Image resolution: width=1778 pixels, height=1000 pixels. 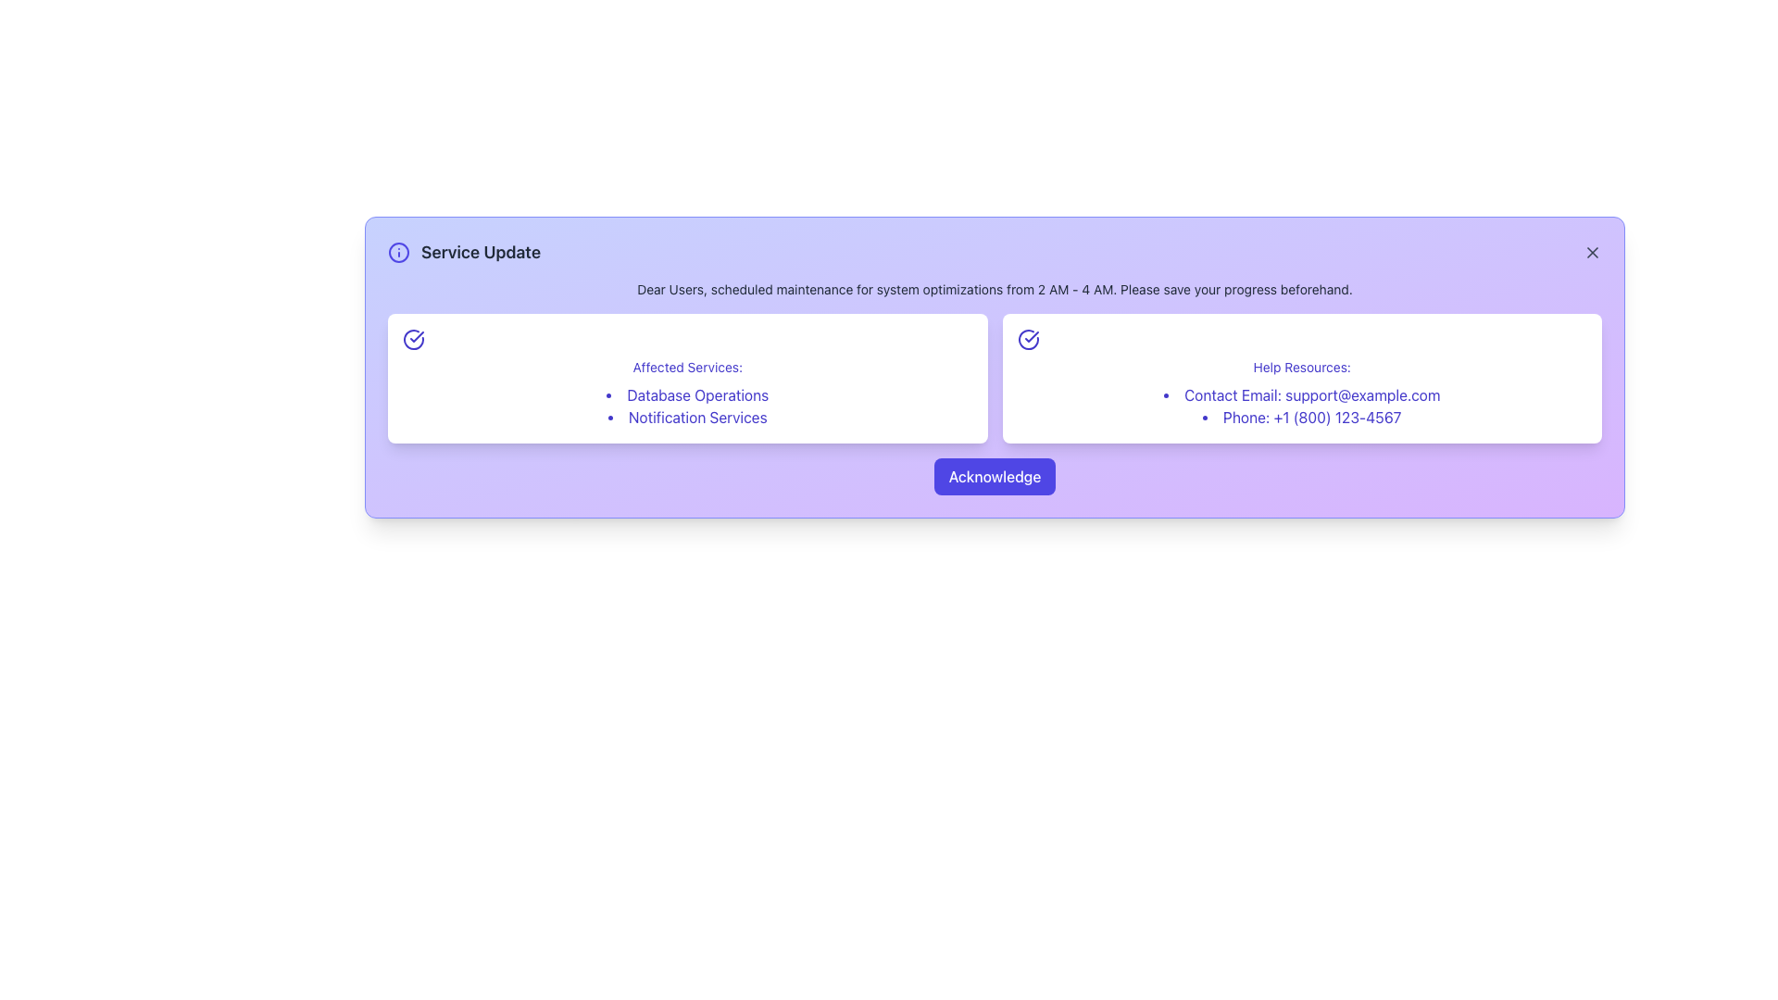 I want to click on the circular blue check mark icon located in the upper-left corner of the 'Help Resources' section, above the text 'Help Resources:', so click(x=1027, y=339).